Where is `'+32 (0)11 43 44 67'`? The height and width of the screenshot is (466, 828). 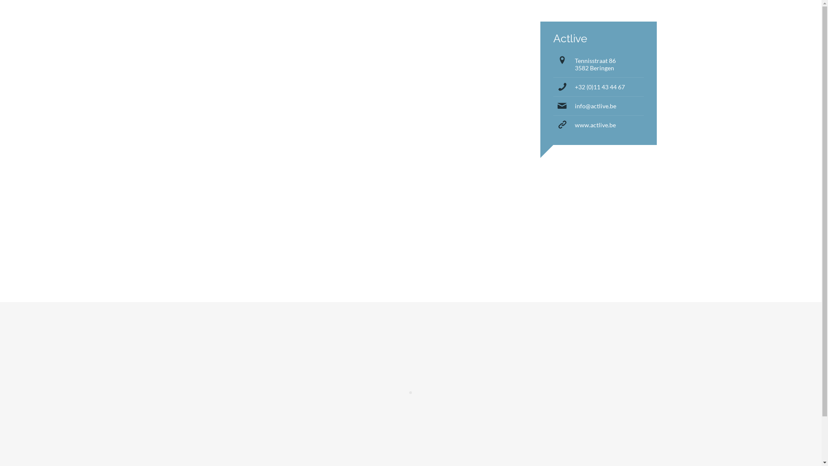 '+32 (0)11 43 44 67' is located at coordinates (599, 87).